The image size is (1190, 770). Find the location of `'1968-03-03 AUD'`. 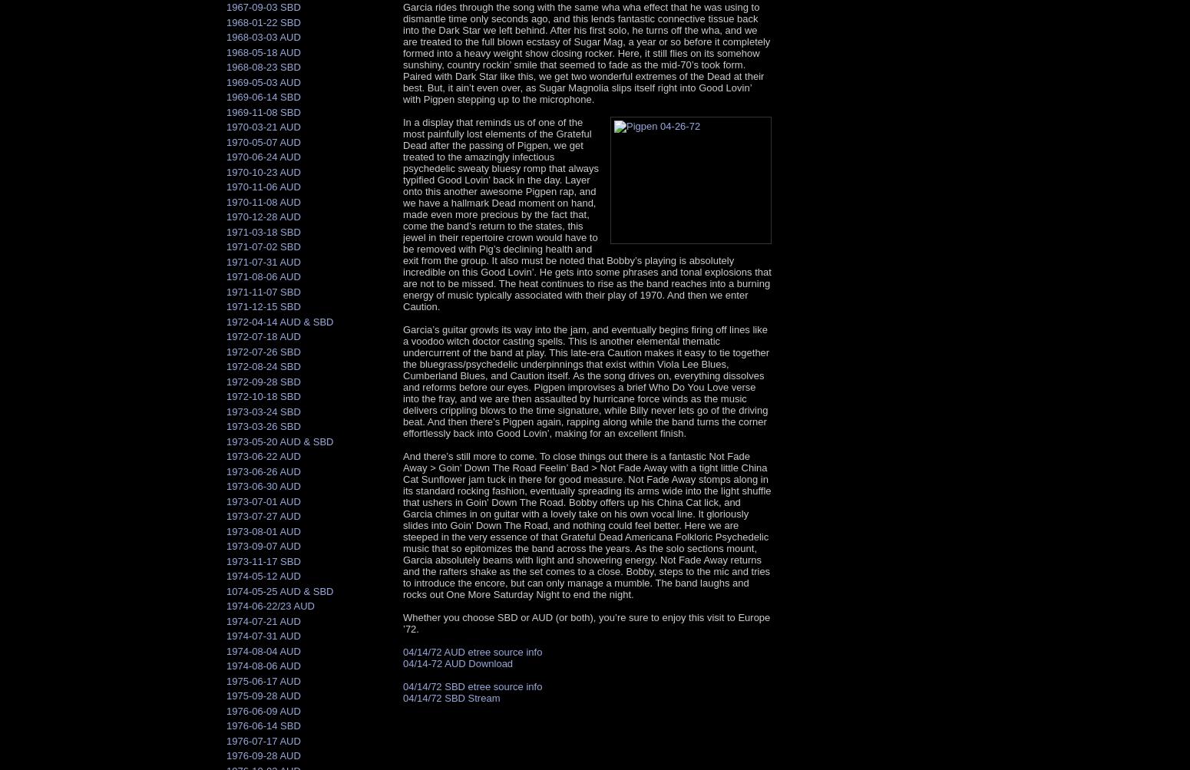

'1968-03-03 AUD' is located at coordinates (263, 37).